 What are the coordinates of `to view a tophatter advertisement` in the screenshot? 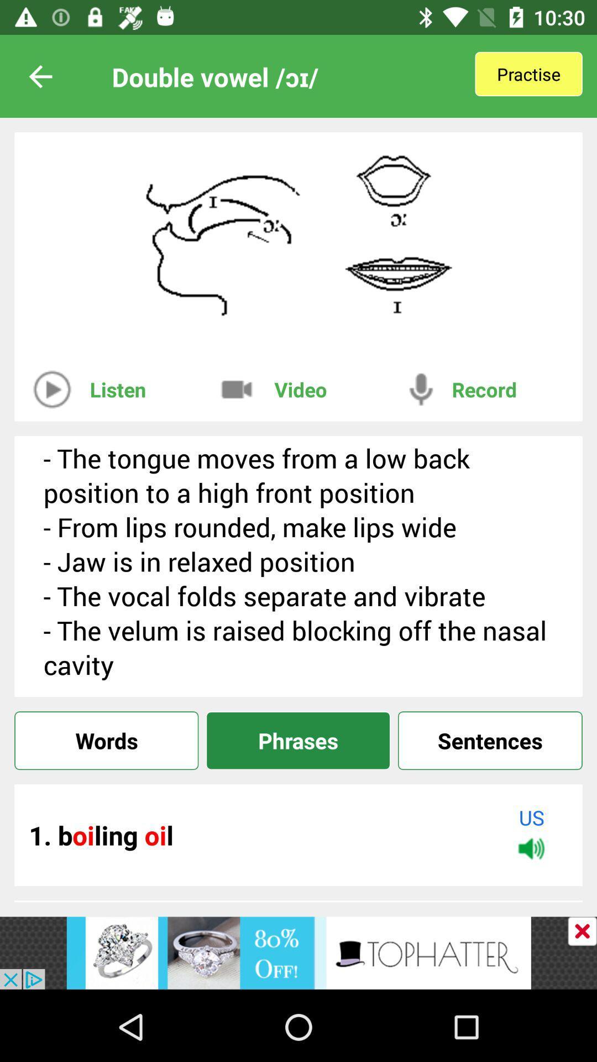 It's located at (298, 952).